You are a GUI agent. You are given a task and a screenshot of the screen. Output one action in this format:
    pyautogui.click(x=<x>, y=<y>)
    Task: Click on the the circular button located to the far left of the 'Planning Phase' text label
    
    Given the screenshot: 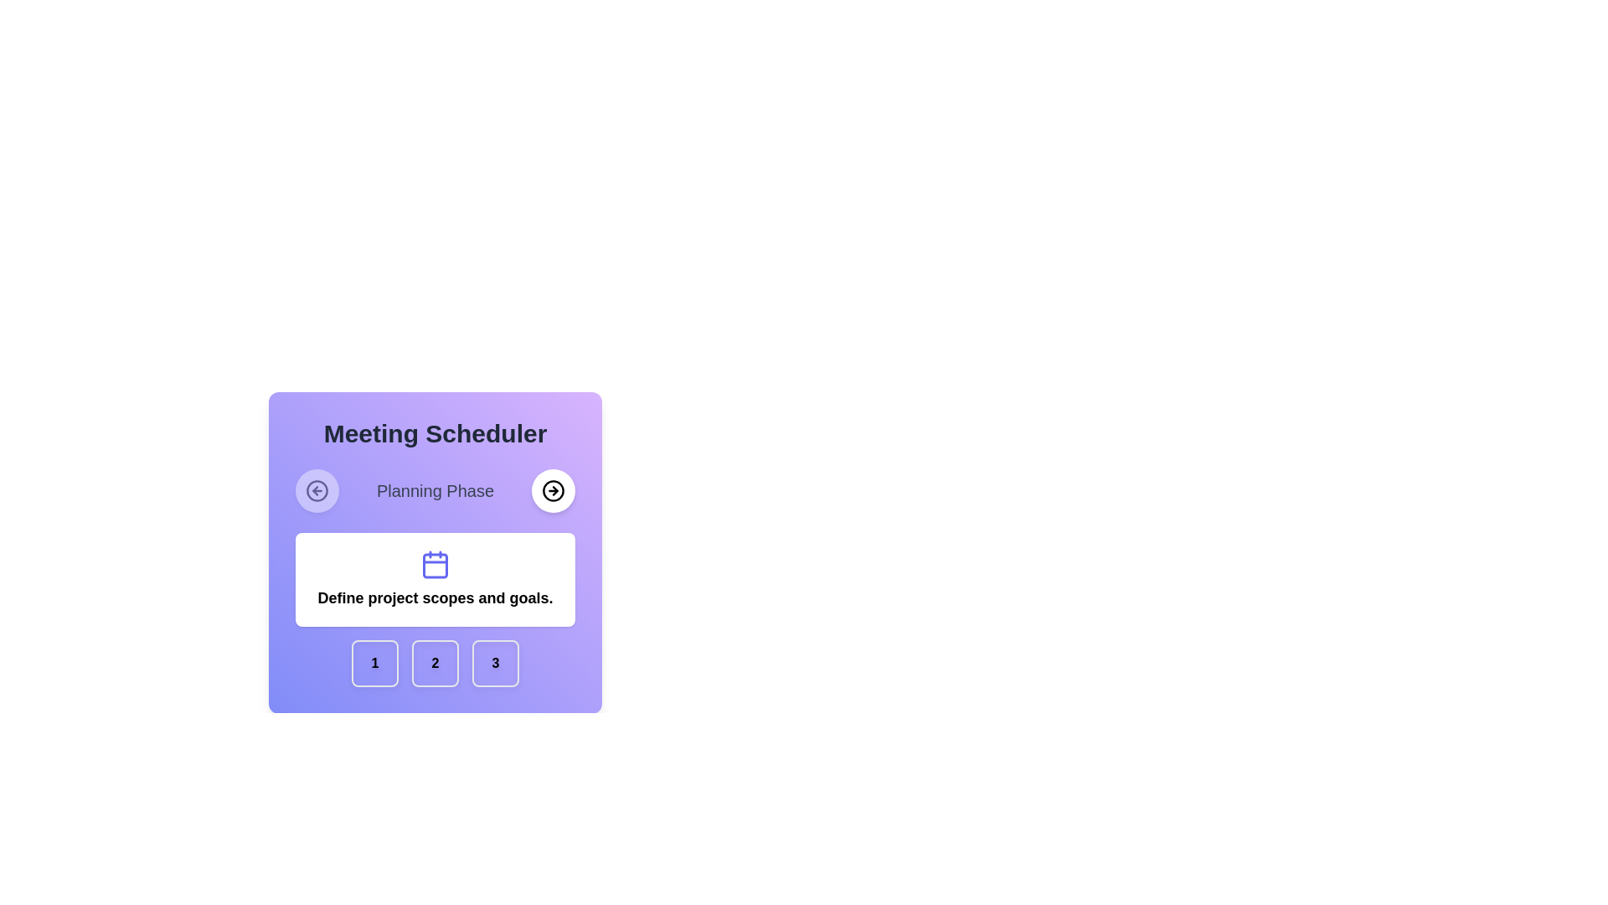 What is the action you would take?
    pyautogui.click(x=317, y=490)
    